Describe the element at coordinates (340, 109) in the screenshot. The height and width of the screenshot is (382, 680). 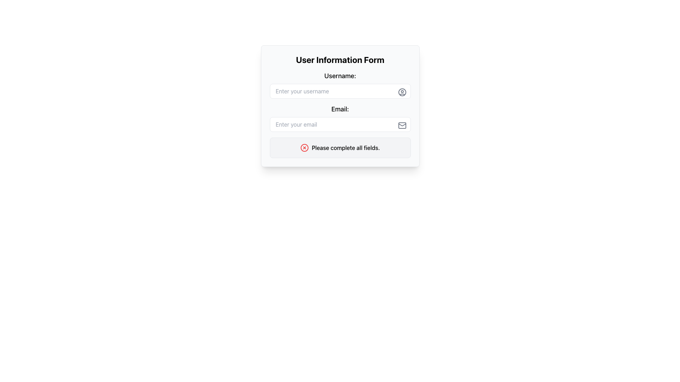
I see `the static text label 'Email:' which is a bold, mid-sized font label in a user input form, positioned below the 'Username:' label and above the email input field` at that location.